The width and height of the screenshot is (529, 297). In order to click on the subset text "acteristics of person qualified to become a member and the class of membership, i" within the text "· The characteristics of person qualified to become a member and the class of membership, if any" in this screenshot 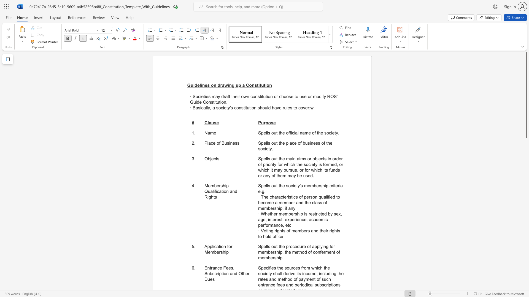, I will do `click(278, 197)`.